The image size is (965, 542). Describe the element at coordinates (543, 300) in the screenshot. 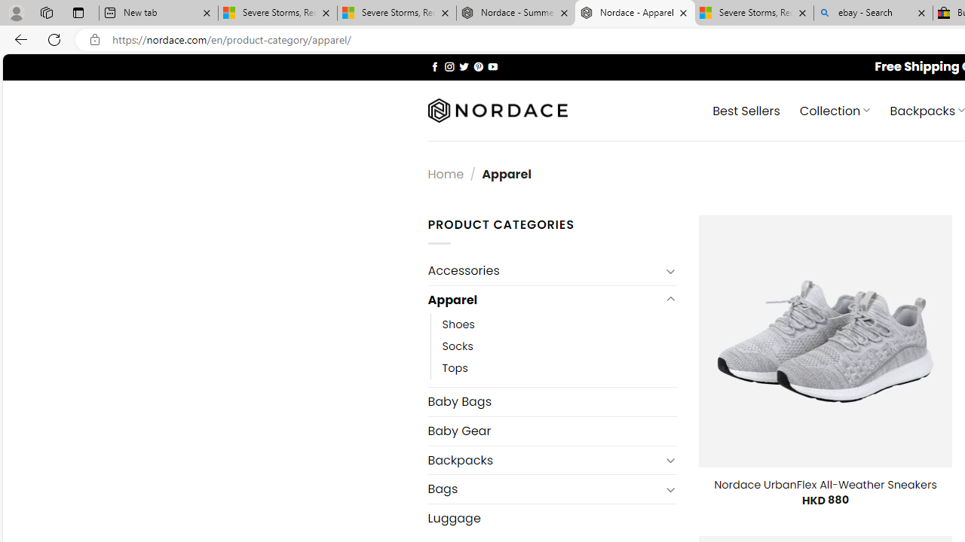

I see `'Apparel'` at that location.